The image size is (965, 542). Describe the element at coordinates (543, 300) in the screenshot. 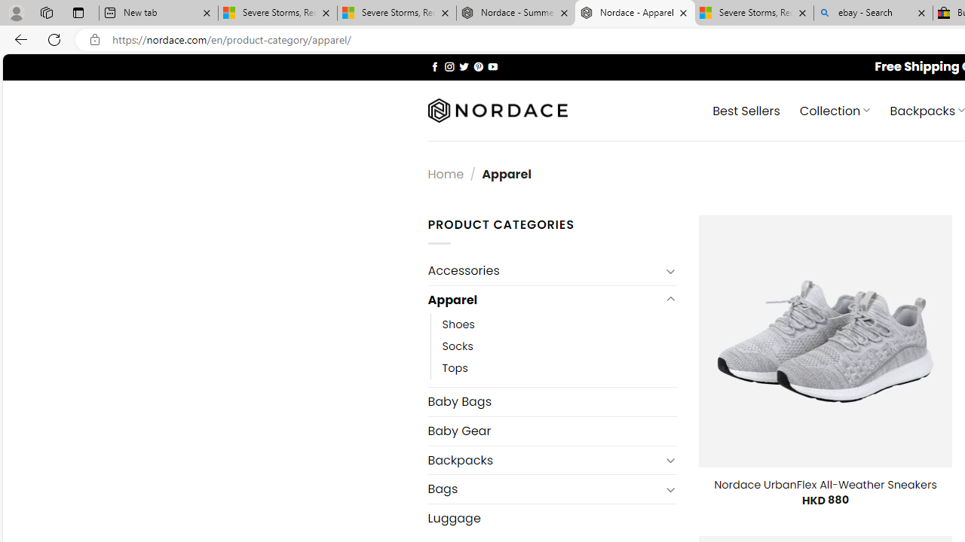

I see `'Apparel'` at that location.